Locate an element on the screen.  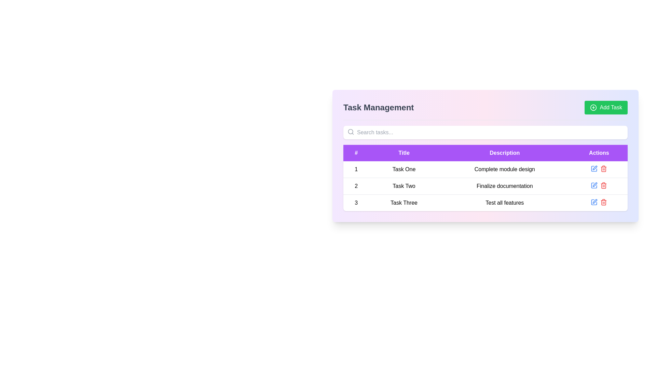
the second row in the Task Management table that displays the identifier '2', title 'Task Two', and description 'Finalize documentation' is located at coordinates (485, 186).